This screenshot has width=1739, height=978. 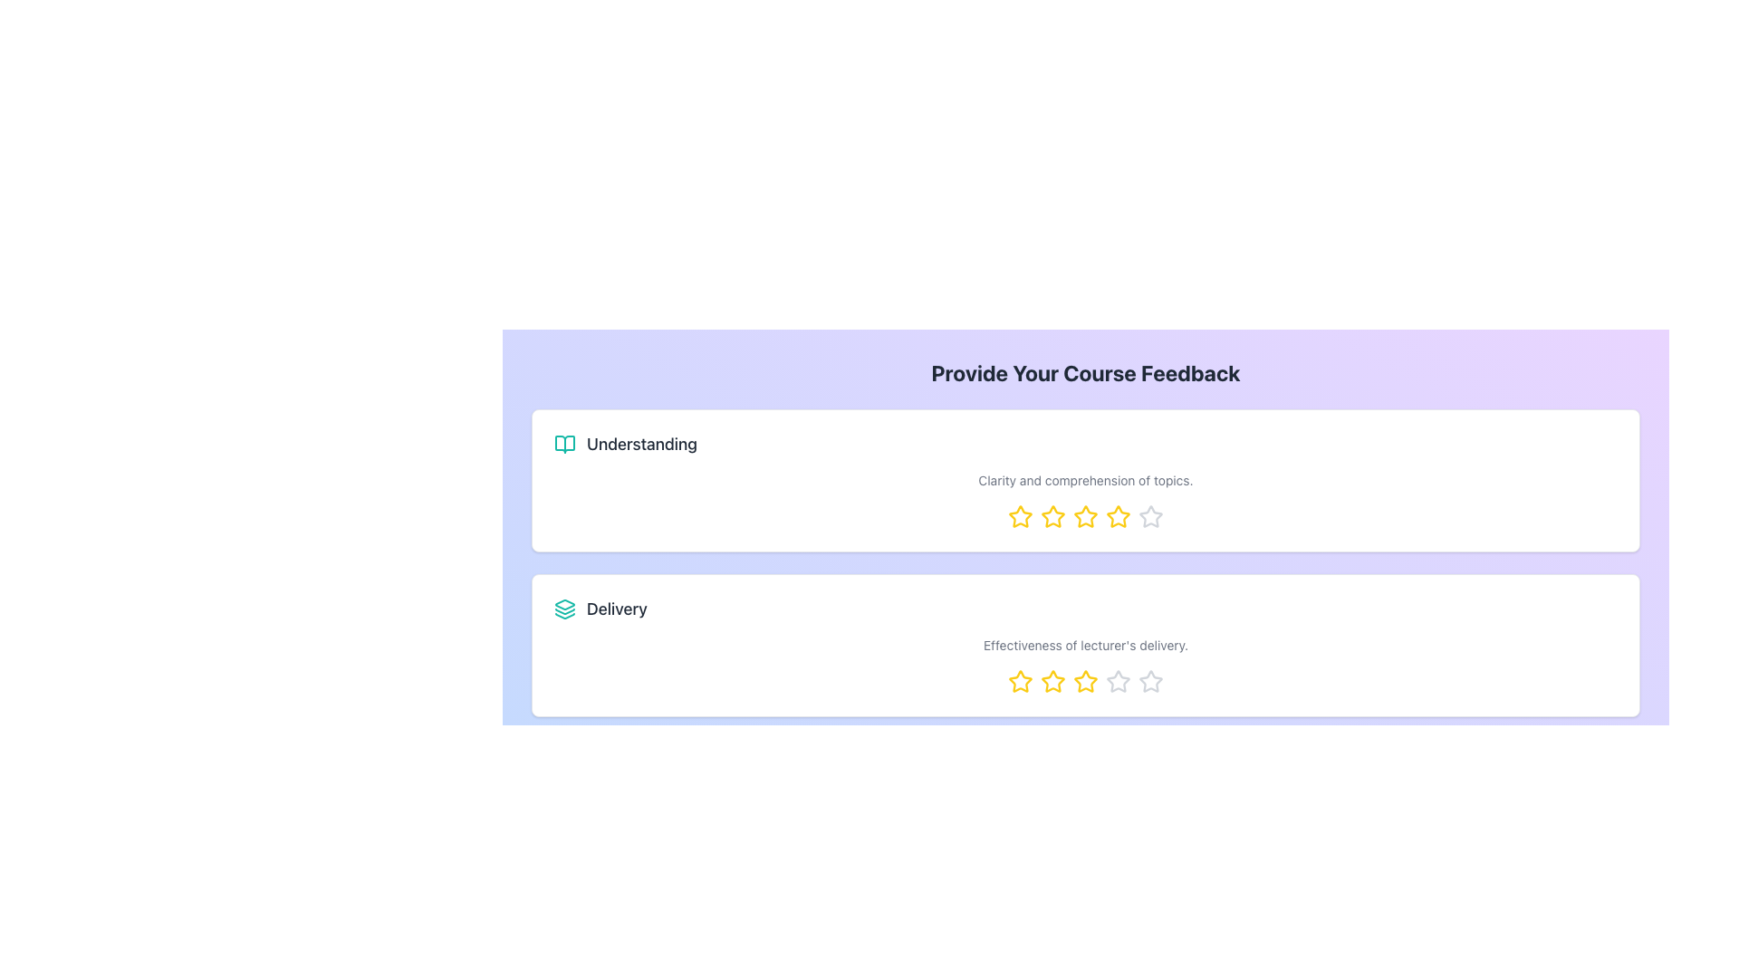 I want to click on the fifth Rating Star Icon in the Delivery feedback category, so click(x=1117, y=681).